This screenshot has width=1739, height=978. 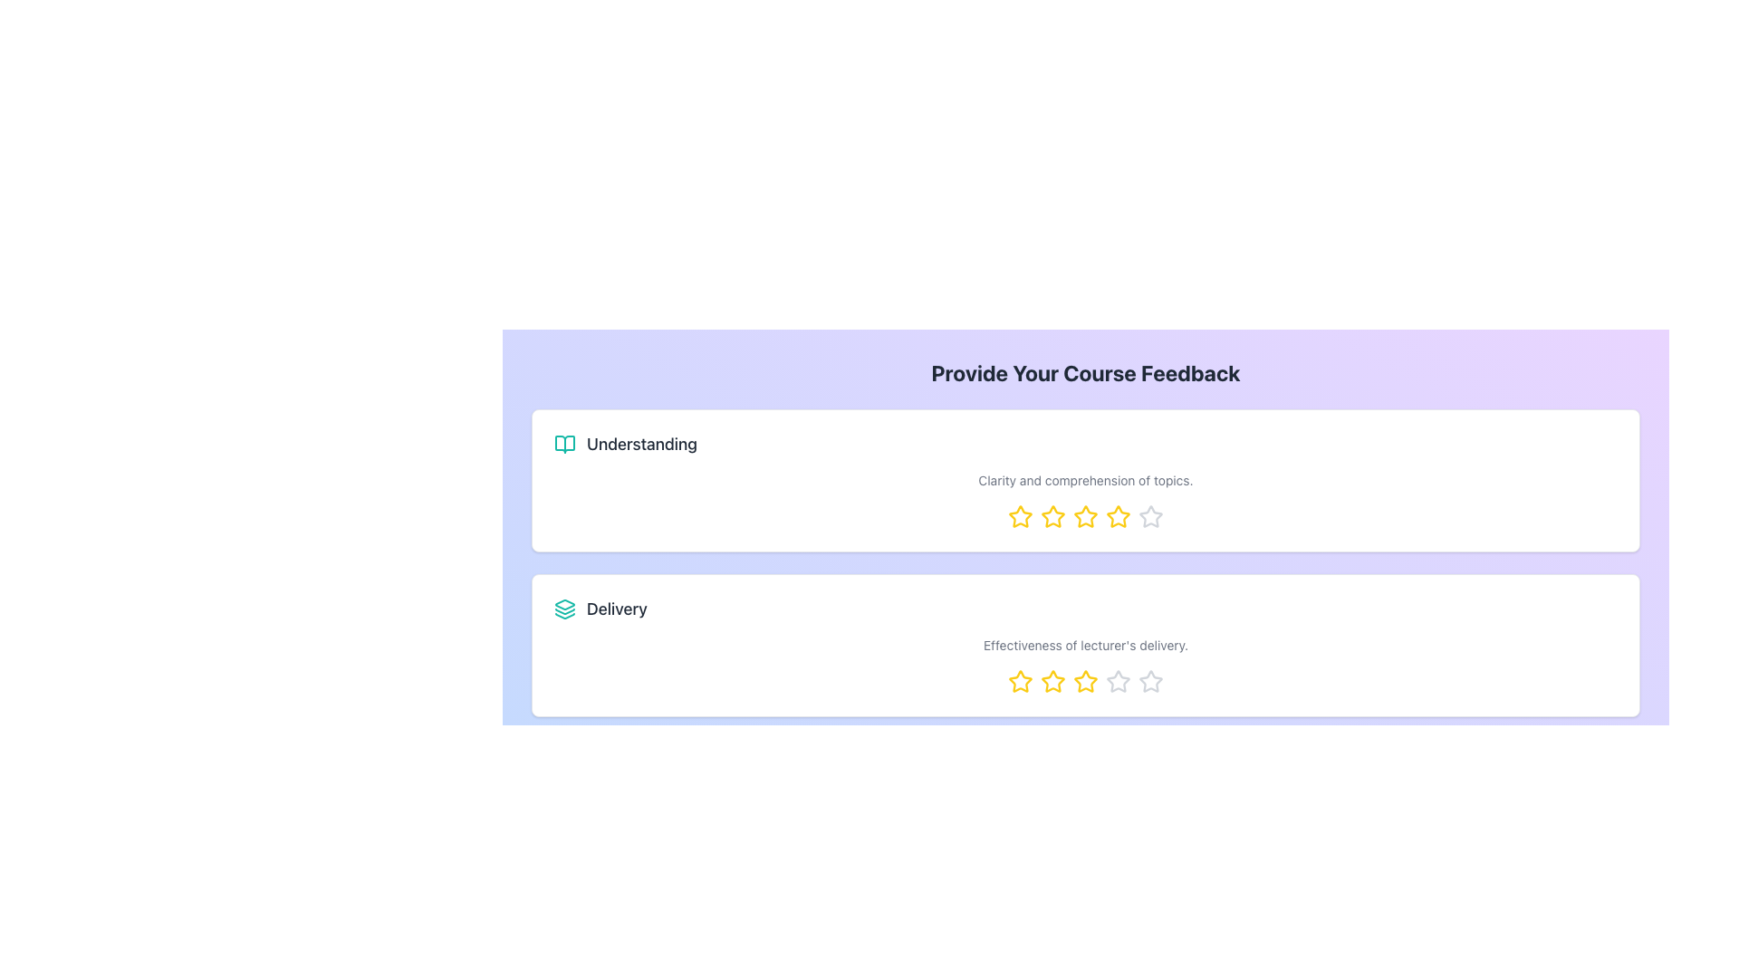 I want to click on the fifth Rating Star Icon in the Delivery feedback category, so click(x=1117, y=681).